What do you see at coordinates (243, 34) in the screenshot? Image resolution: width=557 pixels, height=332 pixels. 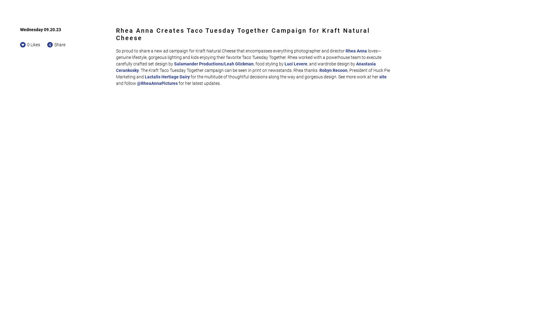 I see `'Rhea Anna Creates Taco Tuesday Together Campaign for Kraft Natural Cheese'` at bounding box center [243, 34].